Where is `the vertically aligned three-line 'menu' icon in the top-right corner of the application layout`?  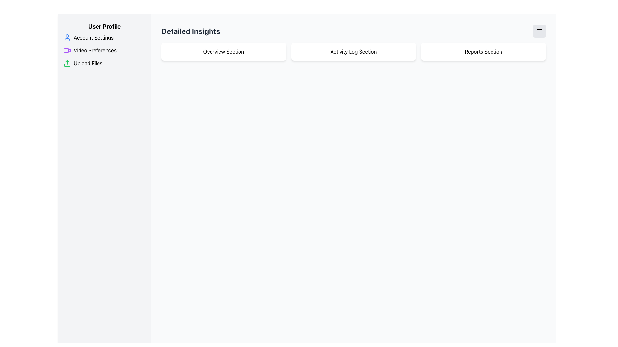 the vertically aligned three-line 'menu' icon in the top-right corner of the application layout is located at coordinates (539, 31).